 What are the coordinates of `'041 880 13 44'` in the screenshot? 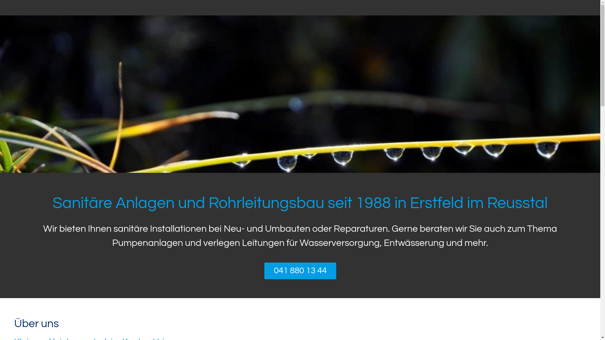 It's located at (264, 270).